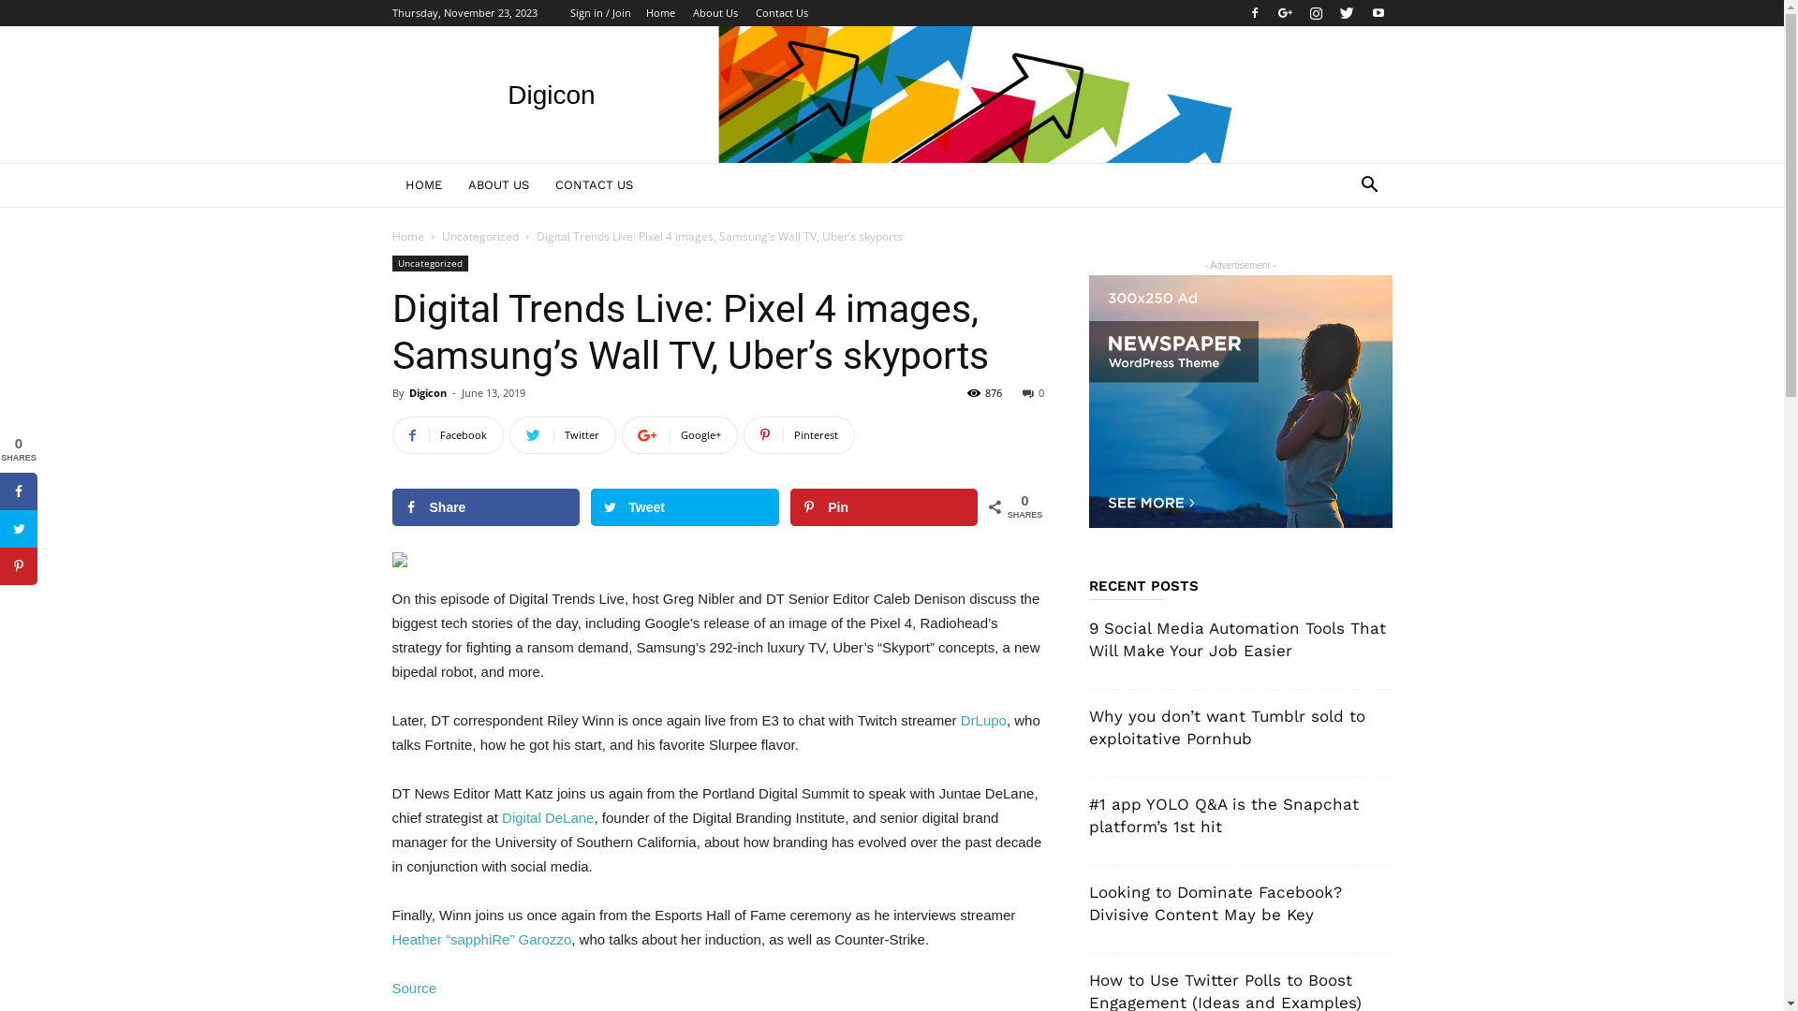  Describe the element at coordinates (982, 719) in the screenshot. I see `'DrLupo'` at that location.